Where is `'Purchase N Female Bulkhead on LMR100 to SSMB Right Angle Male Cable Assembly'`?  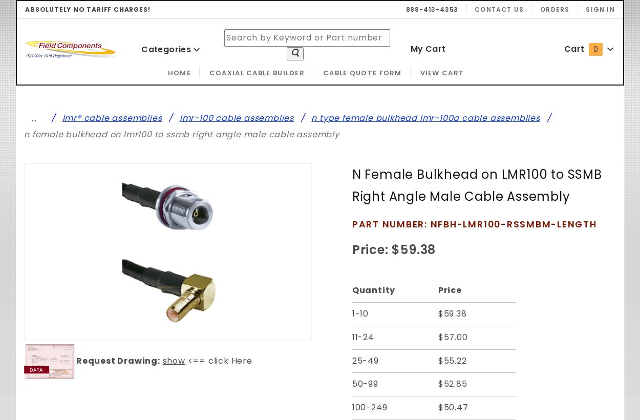 'Purchase N Female Bulkhead on LMR100 to SSMB Right Angle Male Cable Assembly' is located at coordinates (349, 243).